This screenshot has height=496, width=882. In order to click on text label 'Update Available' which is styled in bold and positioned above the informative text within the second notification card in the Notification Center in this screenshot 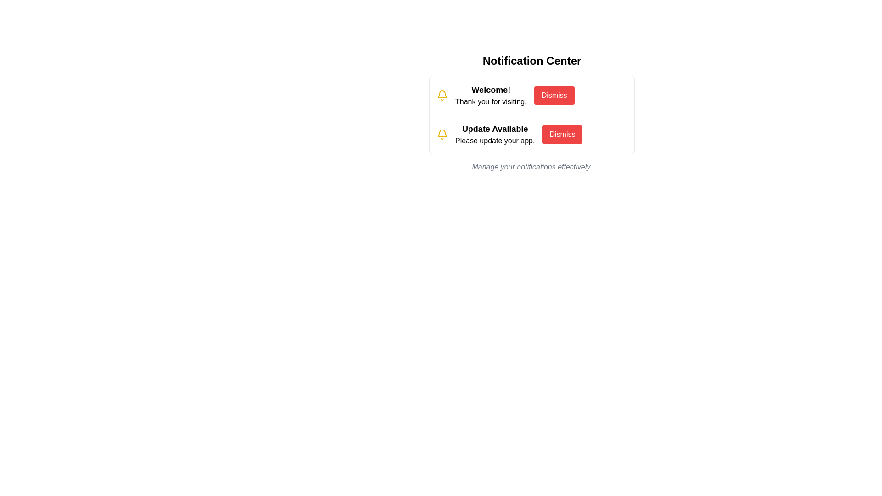, I will do `click(494, 129)`.